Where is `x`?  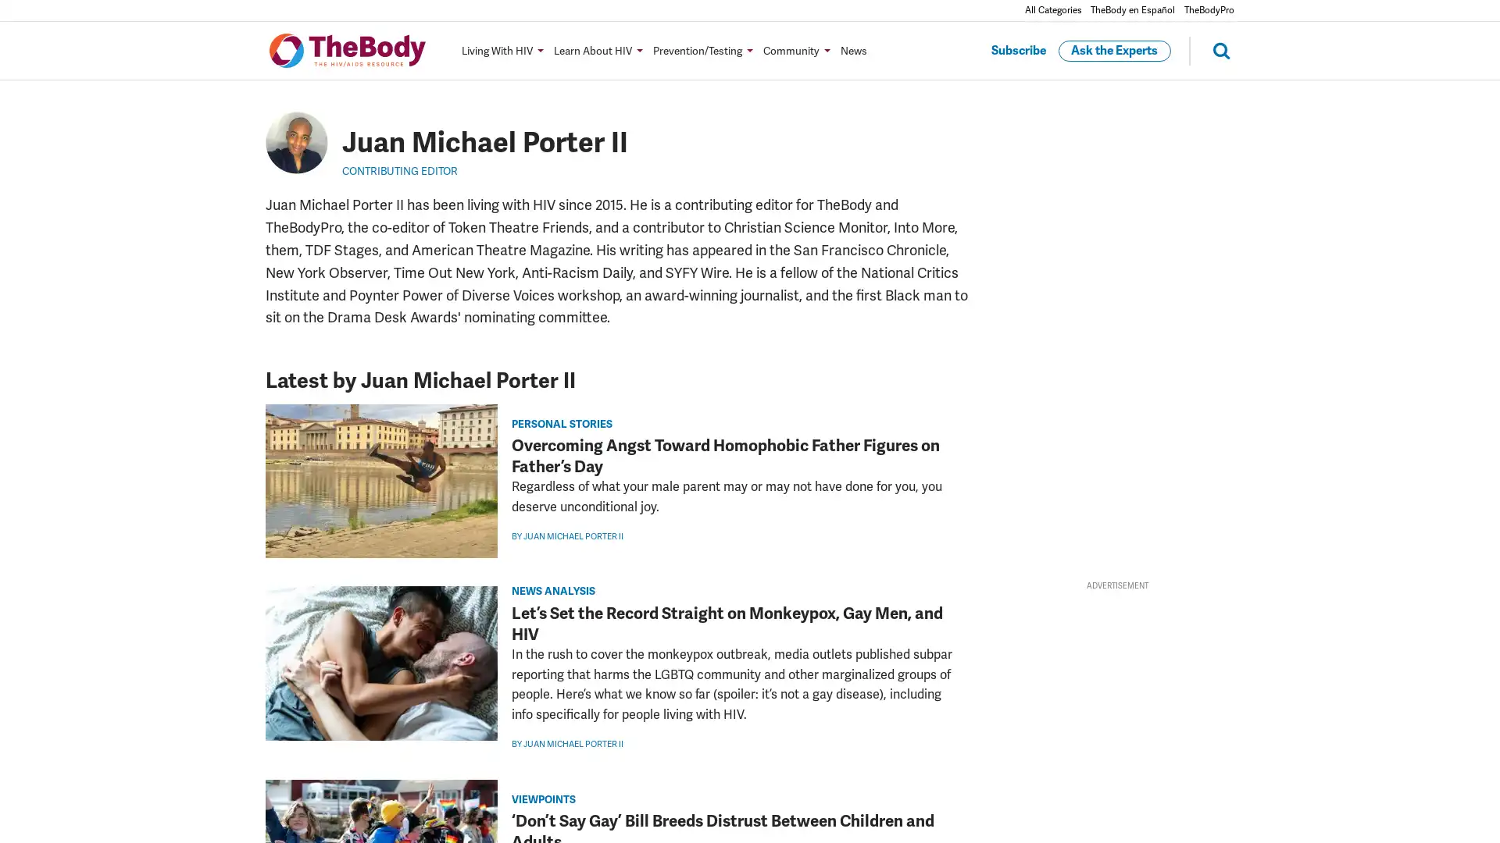 x is located at coordinates (244, 613).